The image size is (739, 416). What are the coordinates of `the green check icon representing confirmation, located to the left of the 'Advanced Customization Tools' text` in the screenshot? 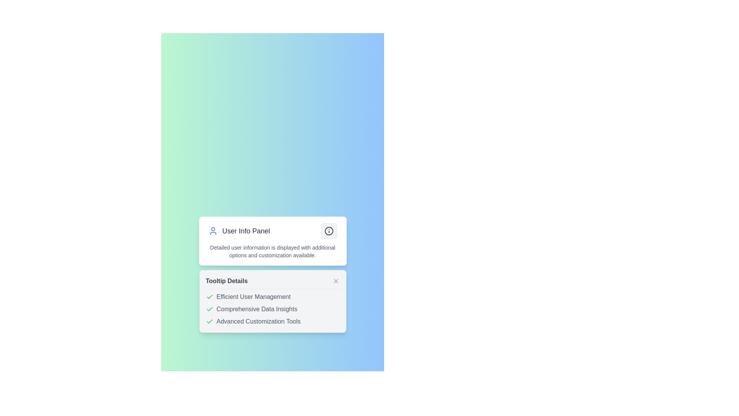 It's located at (209, 321).